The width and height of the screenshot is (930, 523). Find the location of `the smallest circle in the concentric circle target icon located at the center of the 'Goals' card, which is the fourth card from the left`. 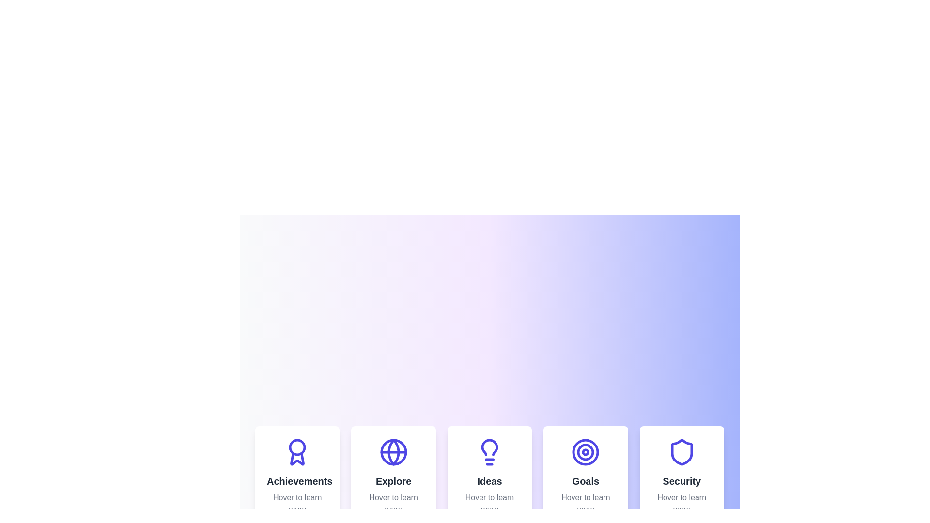

the smallest circle in the concentric circle target icon located at the center of the 'Goals' card, which is the fourth card from the left is located at coordinates (585, 452).